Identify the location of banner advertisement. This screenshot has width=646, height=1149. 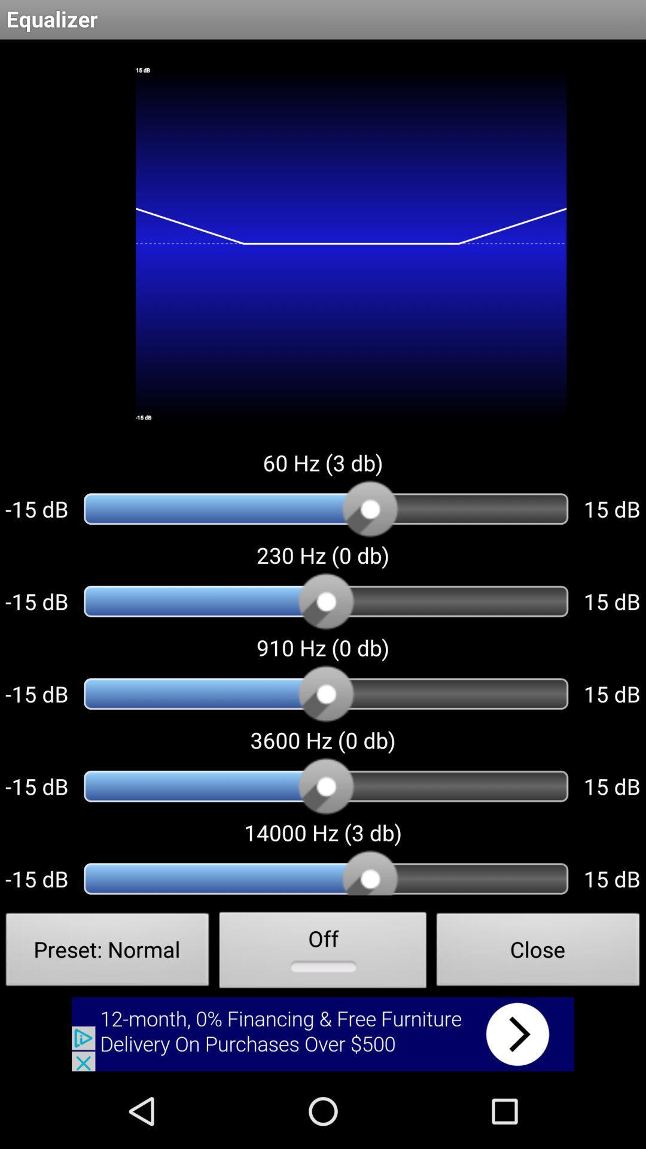
(323, 1034).